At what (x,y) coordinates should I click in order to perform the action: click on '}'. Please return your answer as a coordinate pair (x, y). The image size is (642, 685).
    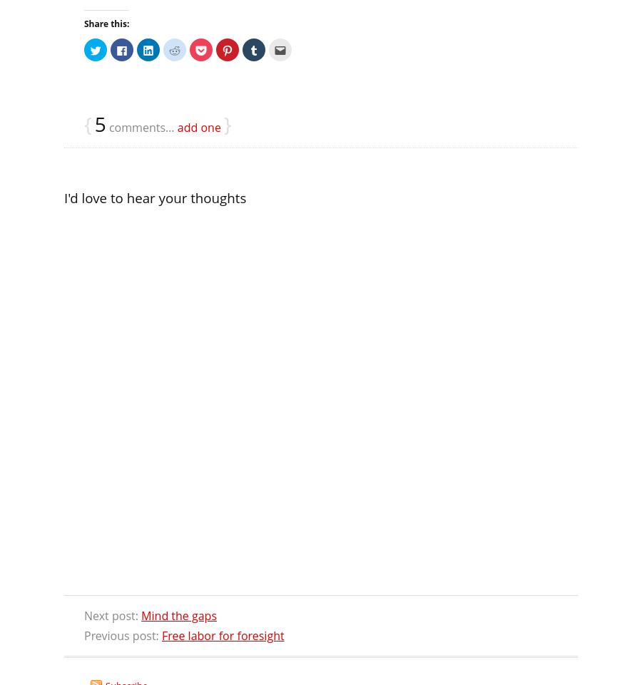
    Looking at the image, I should click on (226, 124).